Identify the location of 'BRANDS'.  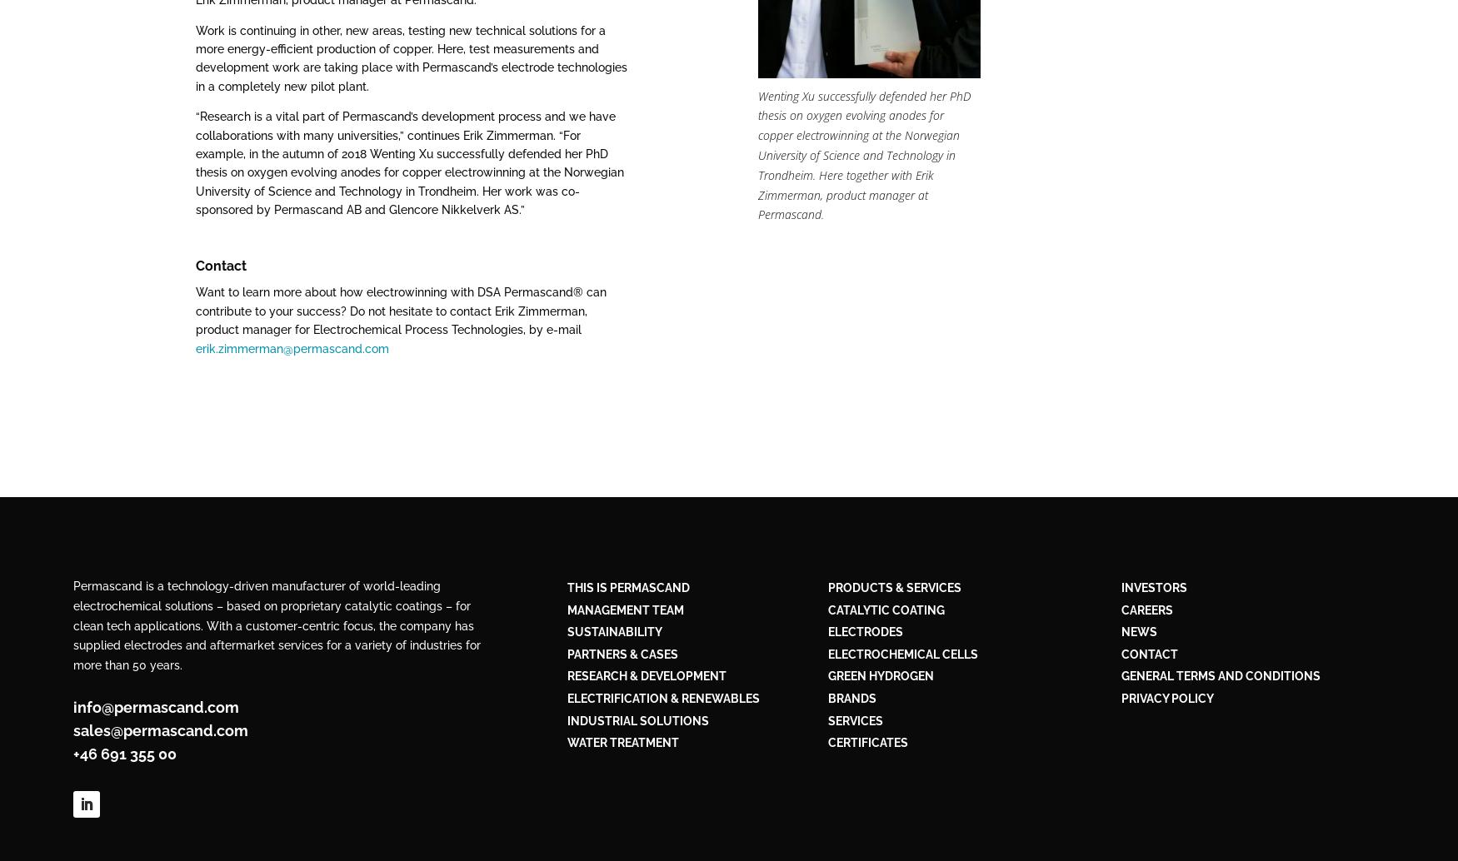
(851, 696).